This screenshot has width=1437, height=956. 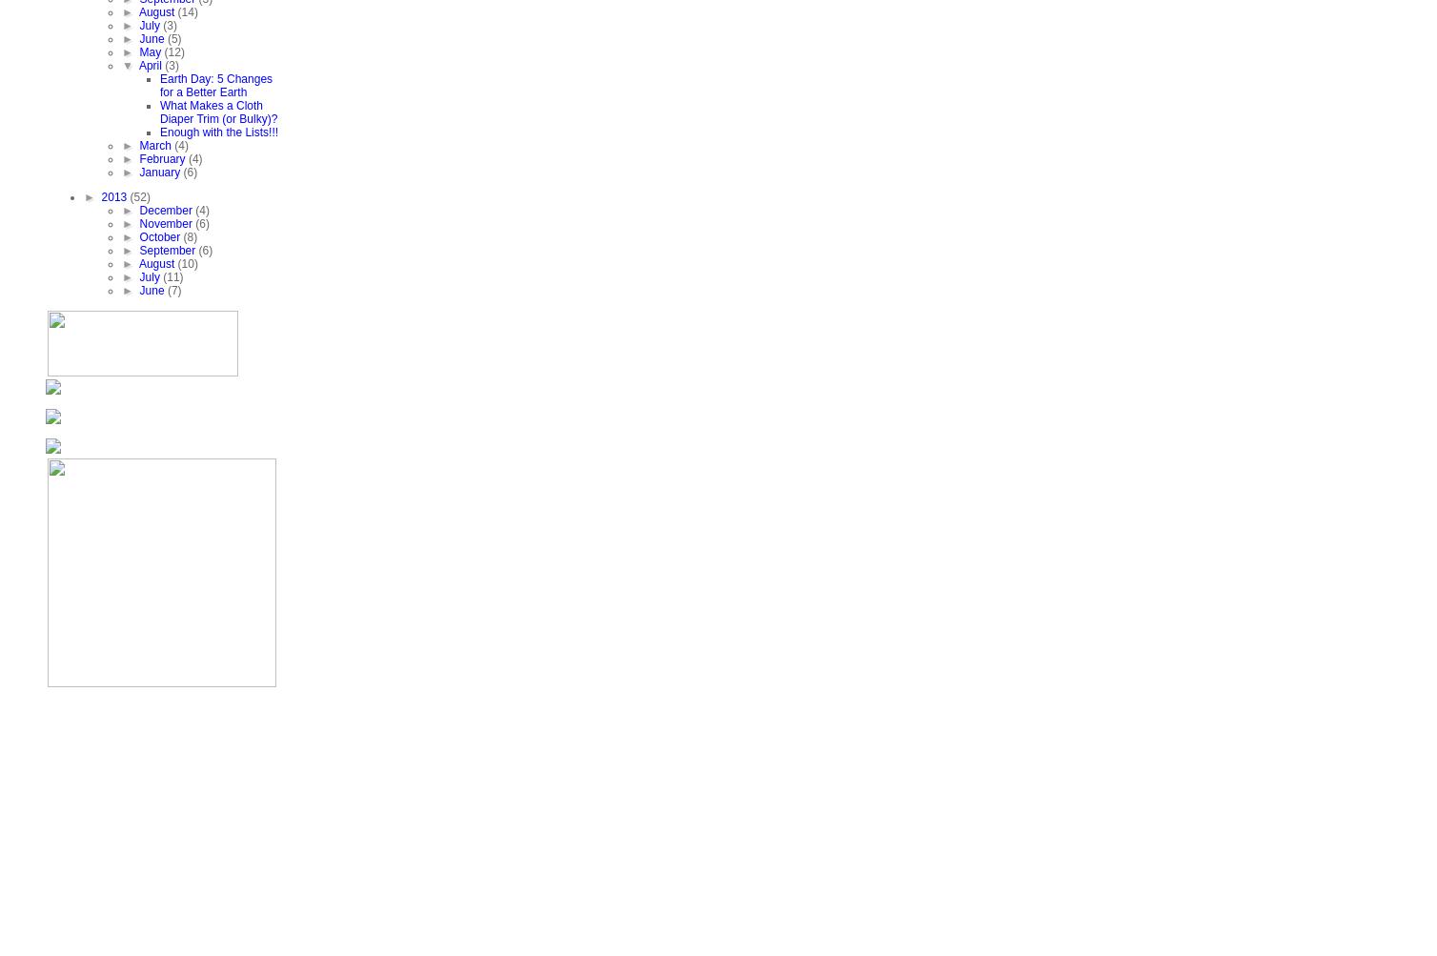 I want to click on 'What Makes a Cloth Diaper Trim (or Bulky)?', so click(x=217, y=111).